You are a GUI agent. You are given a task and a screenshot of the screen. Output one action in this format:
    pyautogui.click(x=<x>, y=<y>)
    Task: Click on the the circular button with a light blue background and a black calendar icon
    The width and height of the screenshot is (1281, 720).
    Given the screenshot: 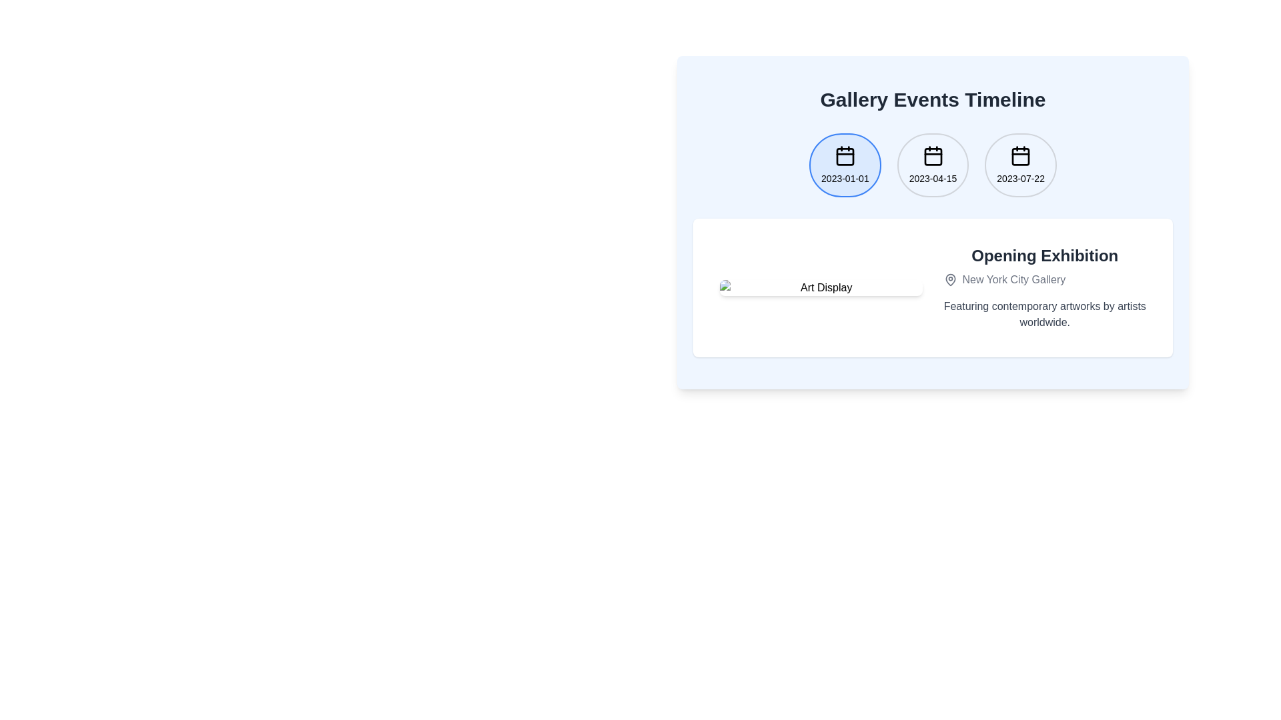 What is the action you would take?
    pyautogui.click(x=844, y=164)
    